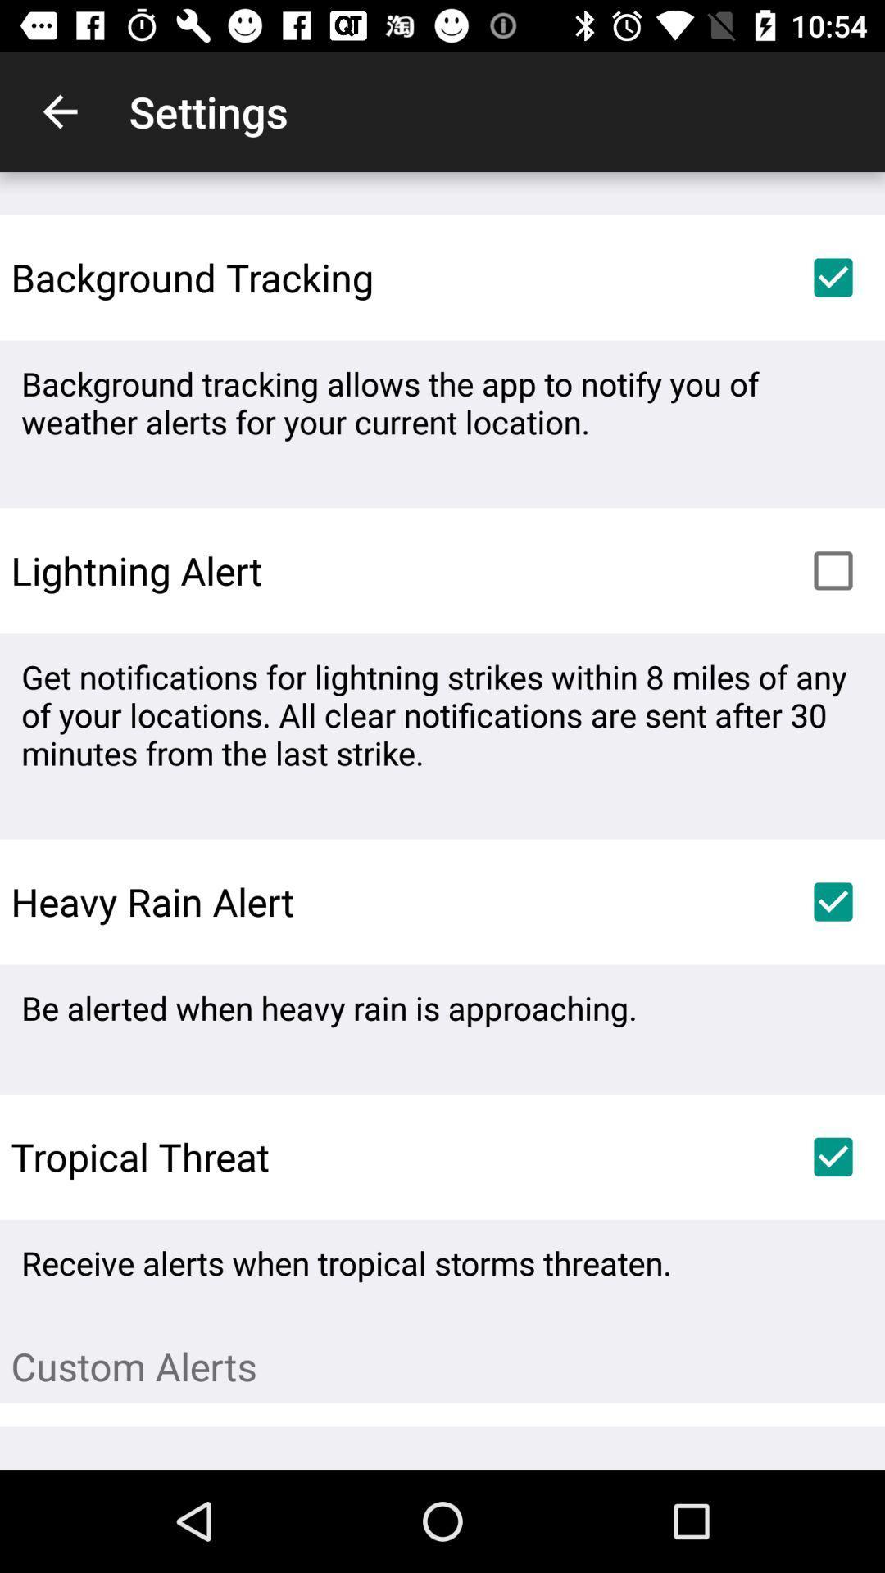 This screenshot has width=885, height=1573. What do you see at coordinates (833, 900) in the screenshot?
I see `item below the get notifications for item` at bounding box center [833, 900].